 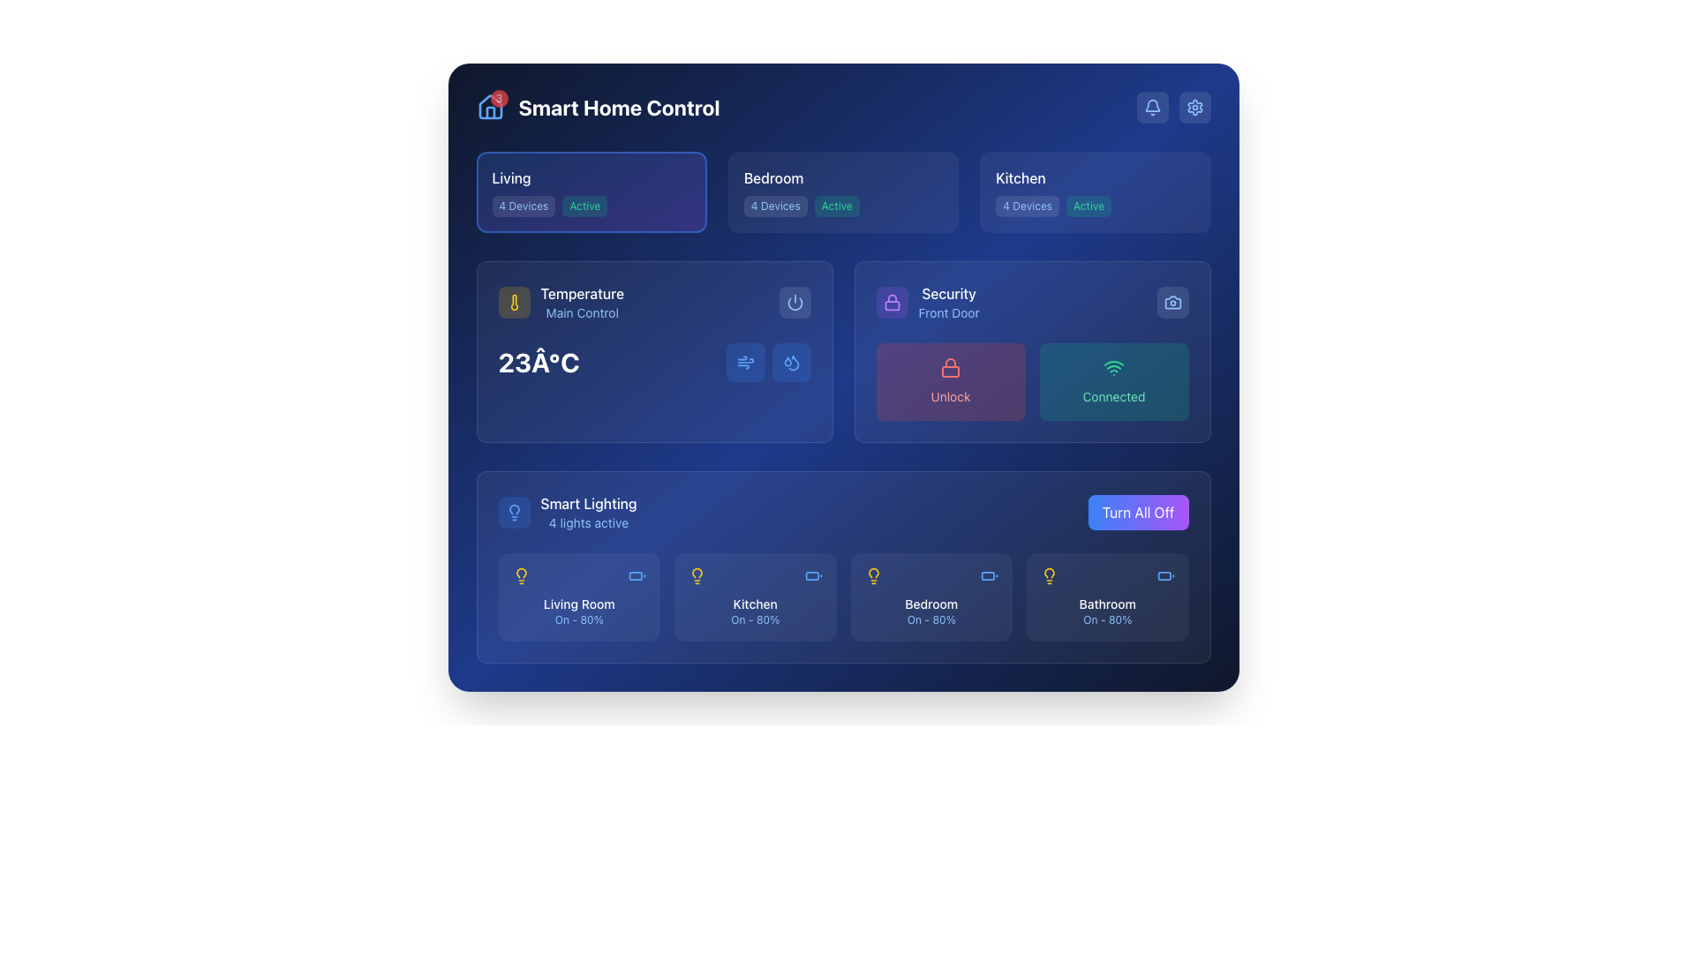 I want to click on the decorative icon representing the 'Temperature' functionality in the upper-left part of the 'Smart Home Control' dashboard, so click(x=513, y=302).